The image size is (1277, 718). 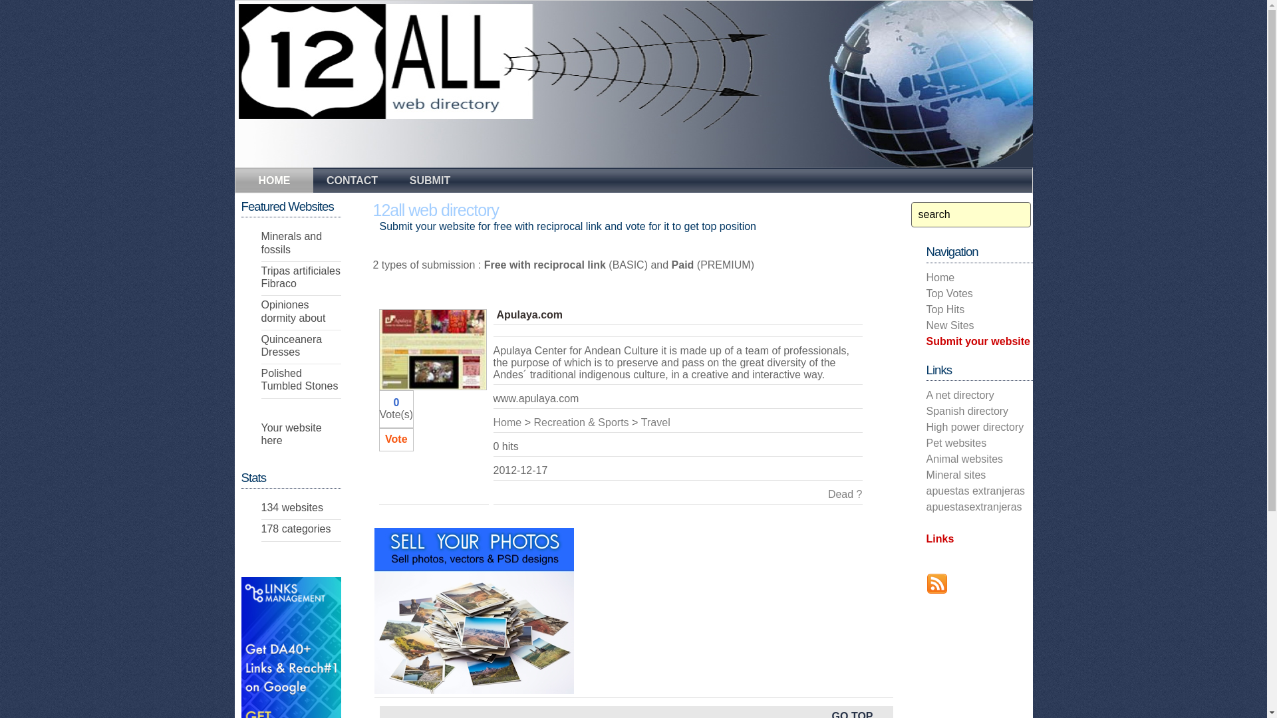 I want to click on 'Polished Tumbled Stones', so click(x=299, y=379).